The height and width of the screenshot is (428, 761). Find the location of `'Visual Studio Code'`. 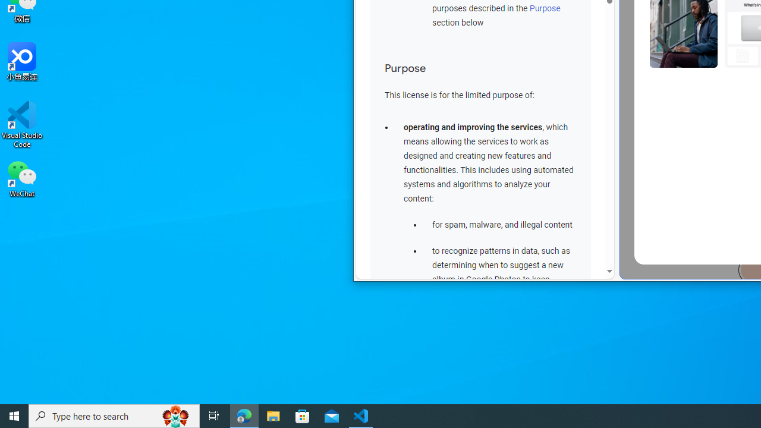

'Visual Studio Code' is located at coordinates (22, 124).